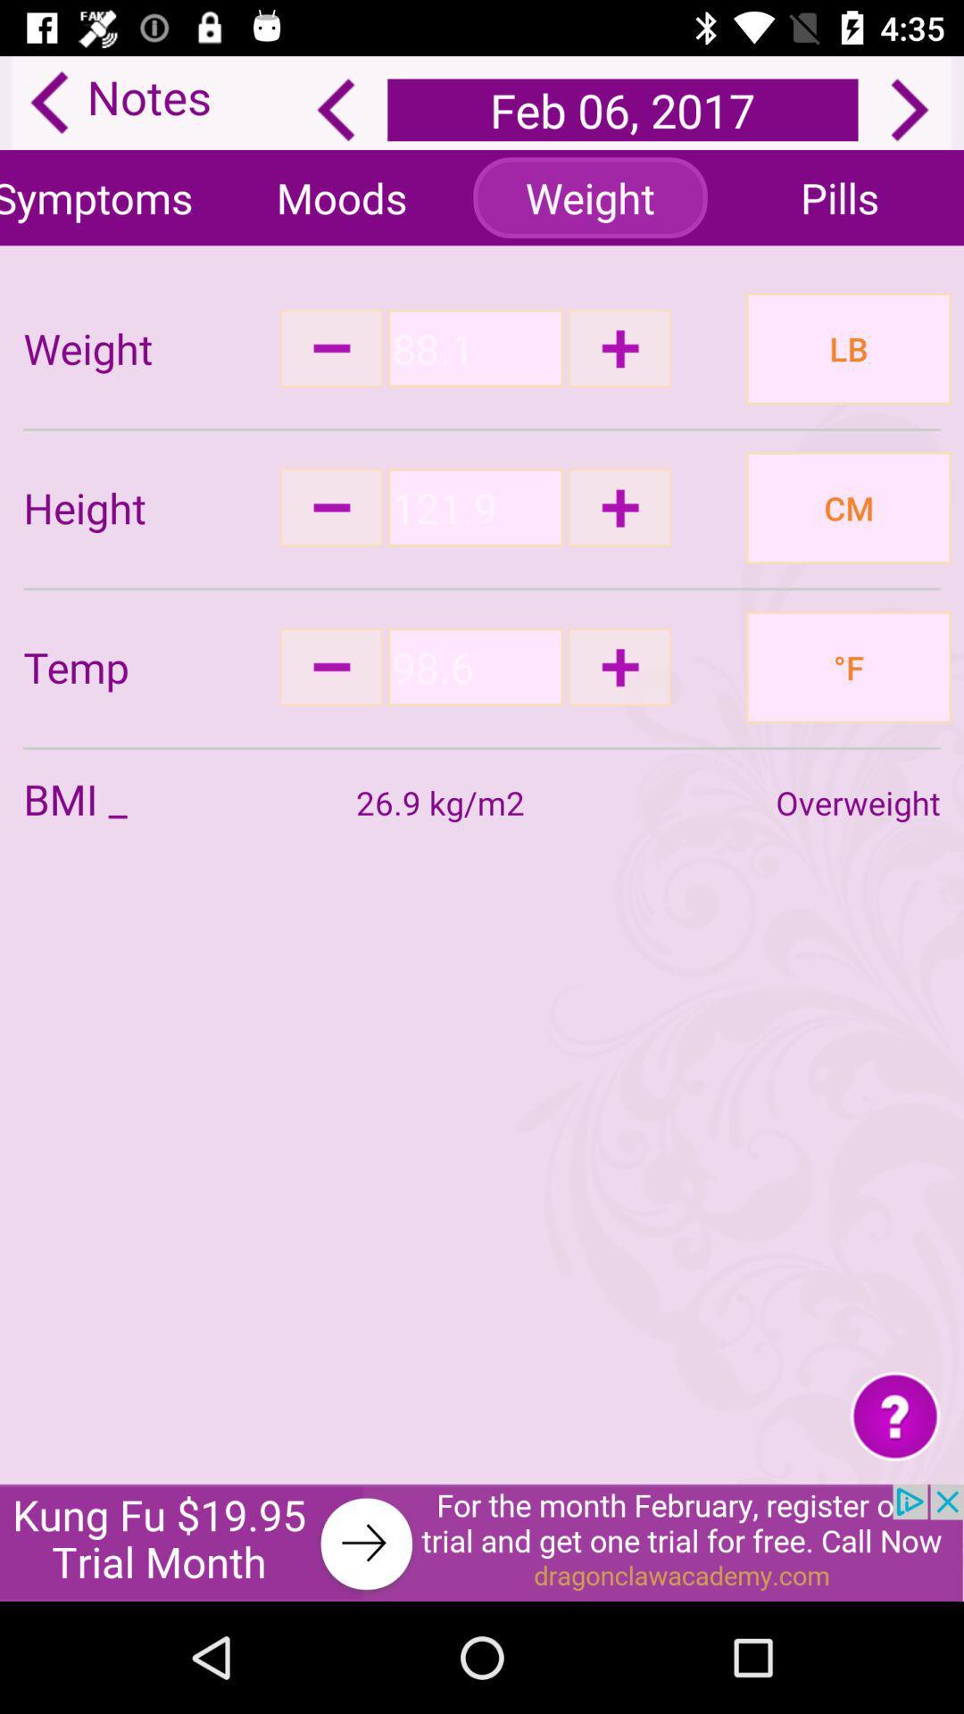  I want to click on this space is to add numbers in it, so click(474, 348).